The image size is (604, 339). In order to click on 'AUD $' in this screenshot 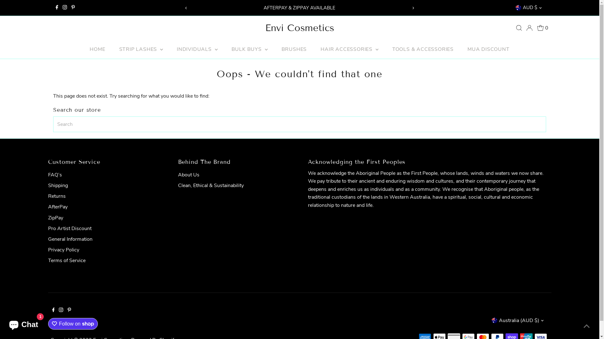, I will do `click(529, 8)`.